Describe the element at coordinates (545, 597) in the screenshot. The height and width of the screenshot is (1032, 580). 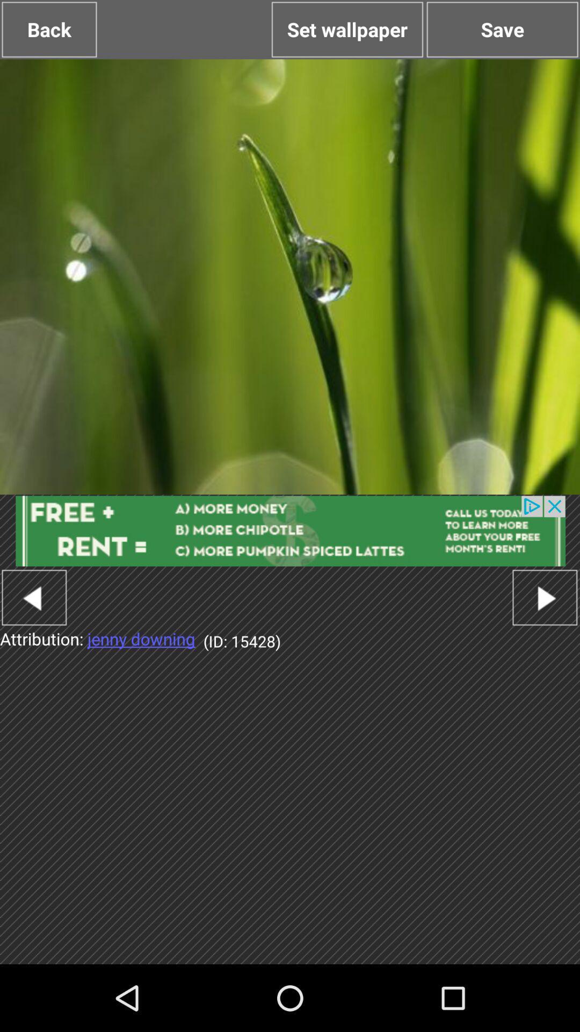
I see `next` at that location.